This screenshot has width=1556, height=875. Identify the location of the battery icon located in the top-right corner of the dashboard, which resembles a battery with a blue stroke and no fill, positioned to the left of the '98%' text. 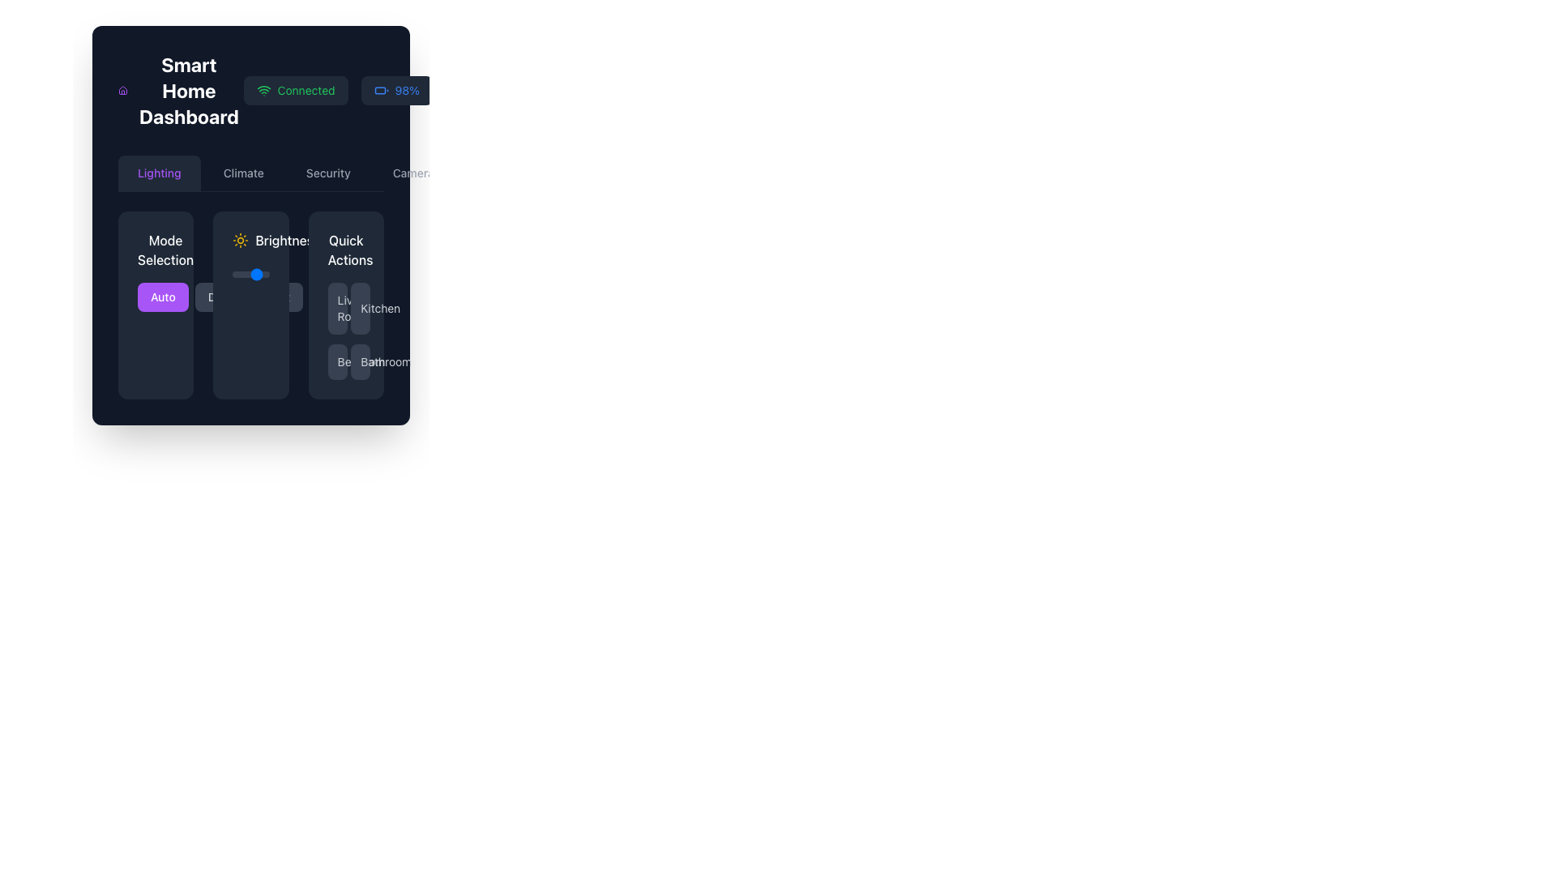
(380, 90).